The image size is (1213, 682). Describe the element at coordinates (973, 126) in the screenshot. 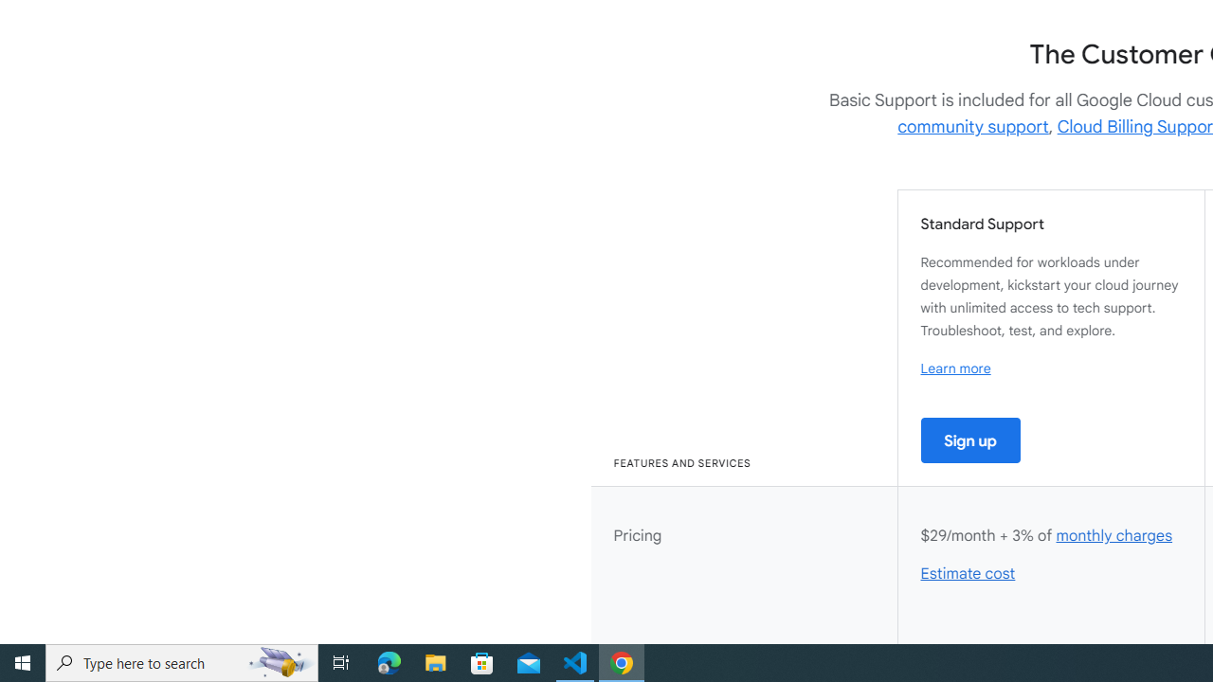

I see `'community support'` at that location.